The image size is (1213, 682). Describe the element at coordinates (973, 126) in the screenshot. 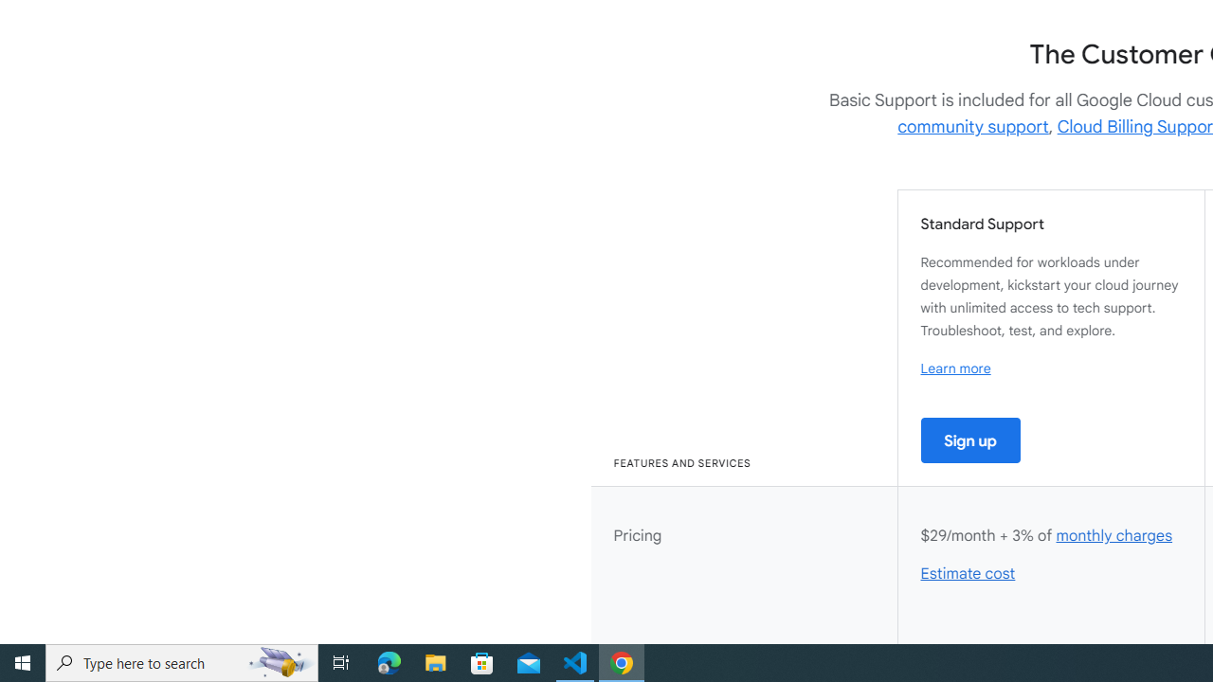

I see `'community support'` at that location.